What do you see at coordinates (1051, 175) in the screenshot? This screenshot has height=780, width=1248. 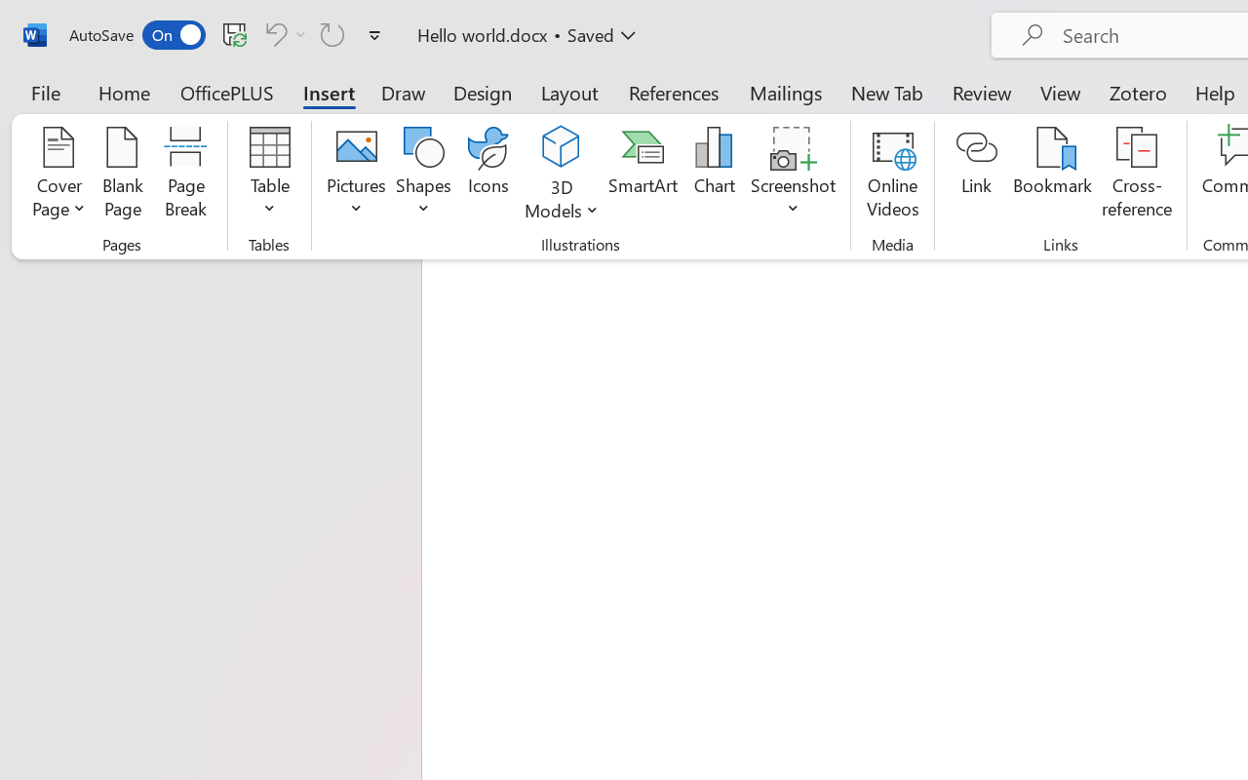 I see `'Bookmark...'` at bounding box center [1051, 175].